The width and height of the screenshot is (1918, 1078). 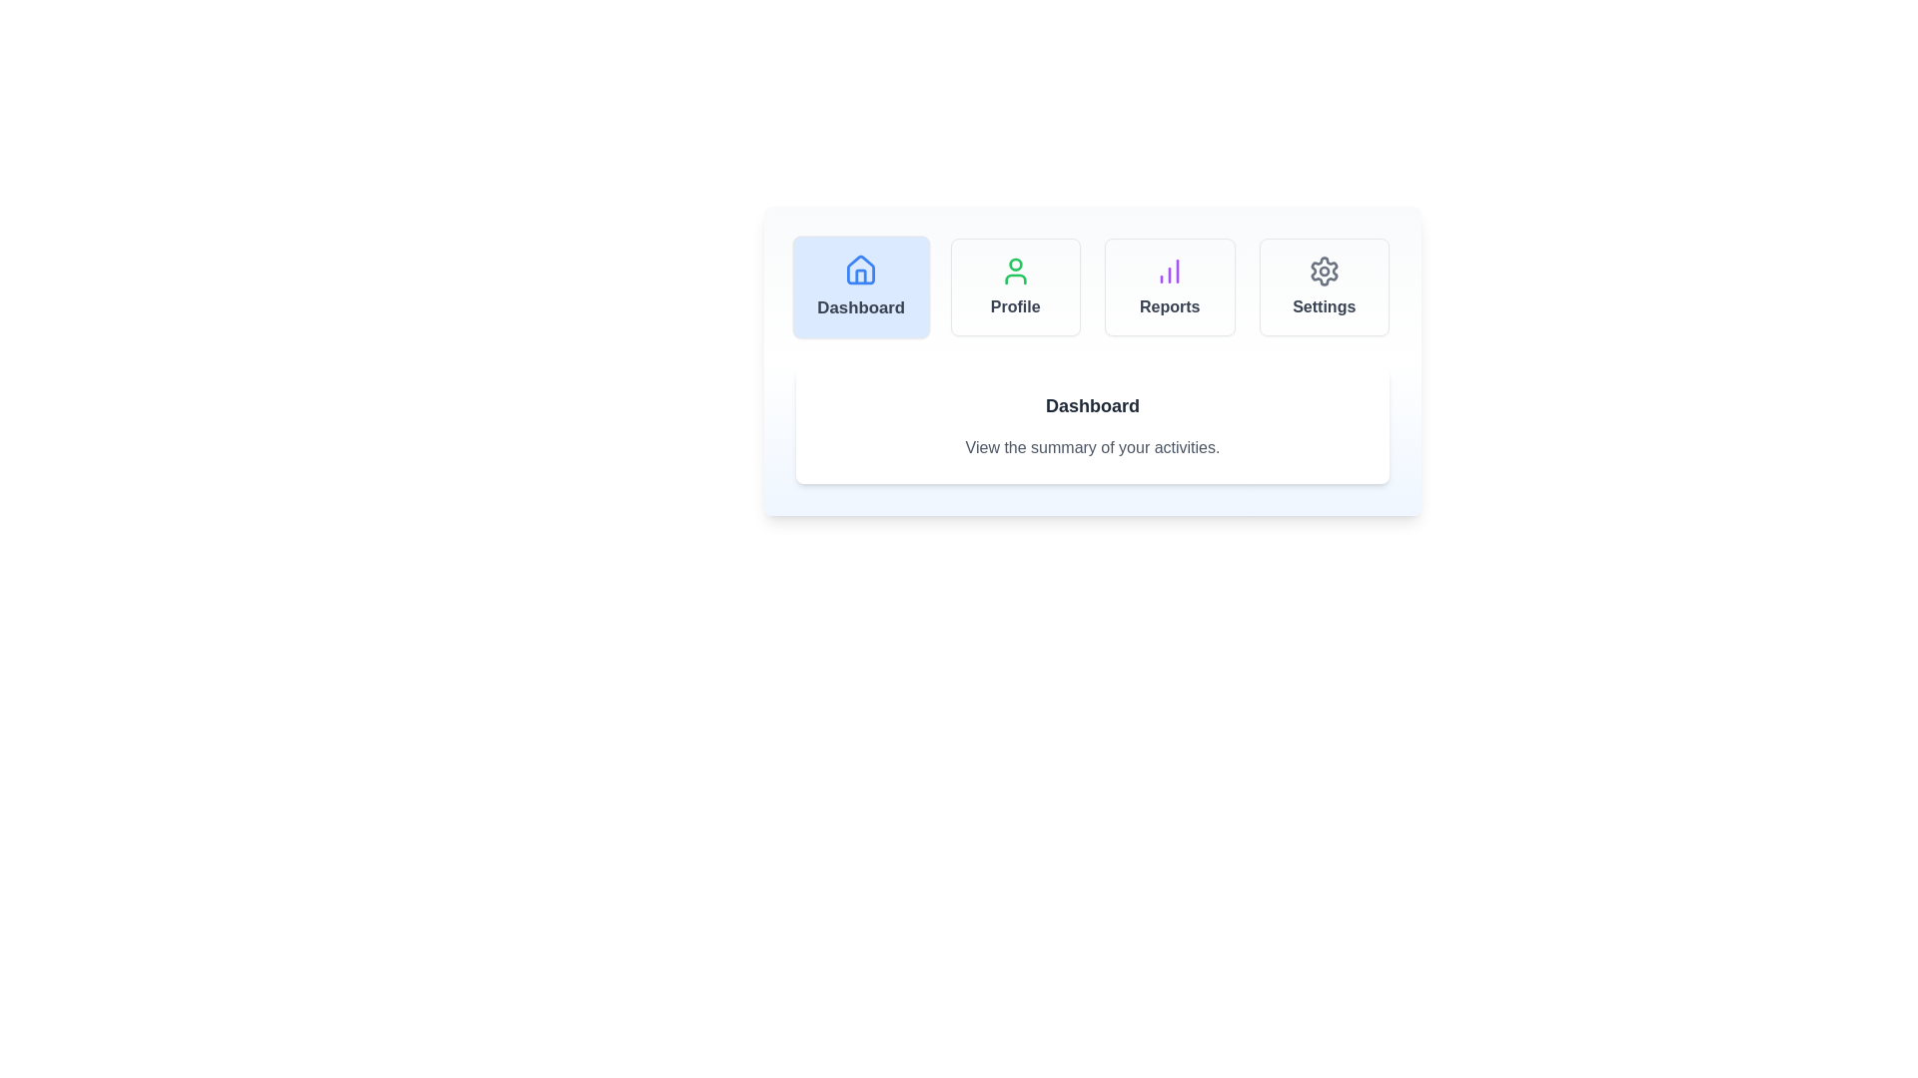 I want to click on the tab labeled 'Dashboard' to observe its hover effect, so click(x=861, y=287).